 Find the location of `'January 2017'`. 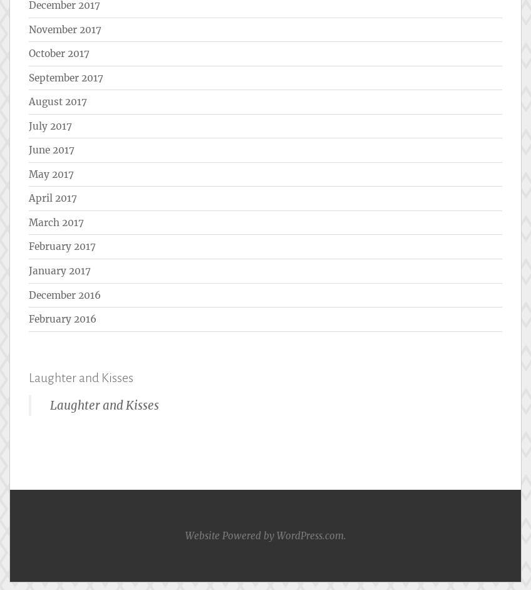

'January 2017' is located at coordinates (59, 270).